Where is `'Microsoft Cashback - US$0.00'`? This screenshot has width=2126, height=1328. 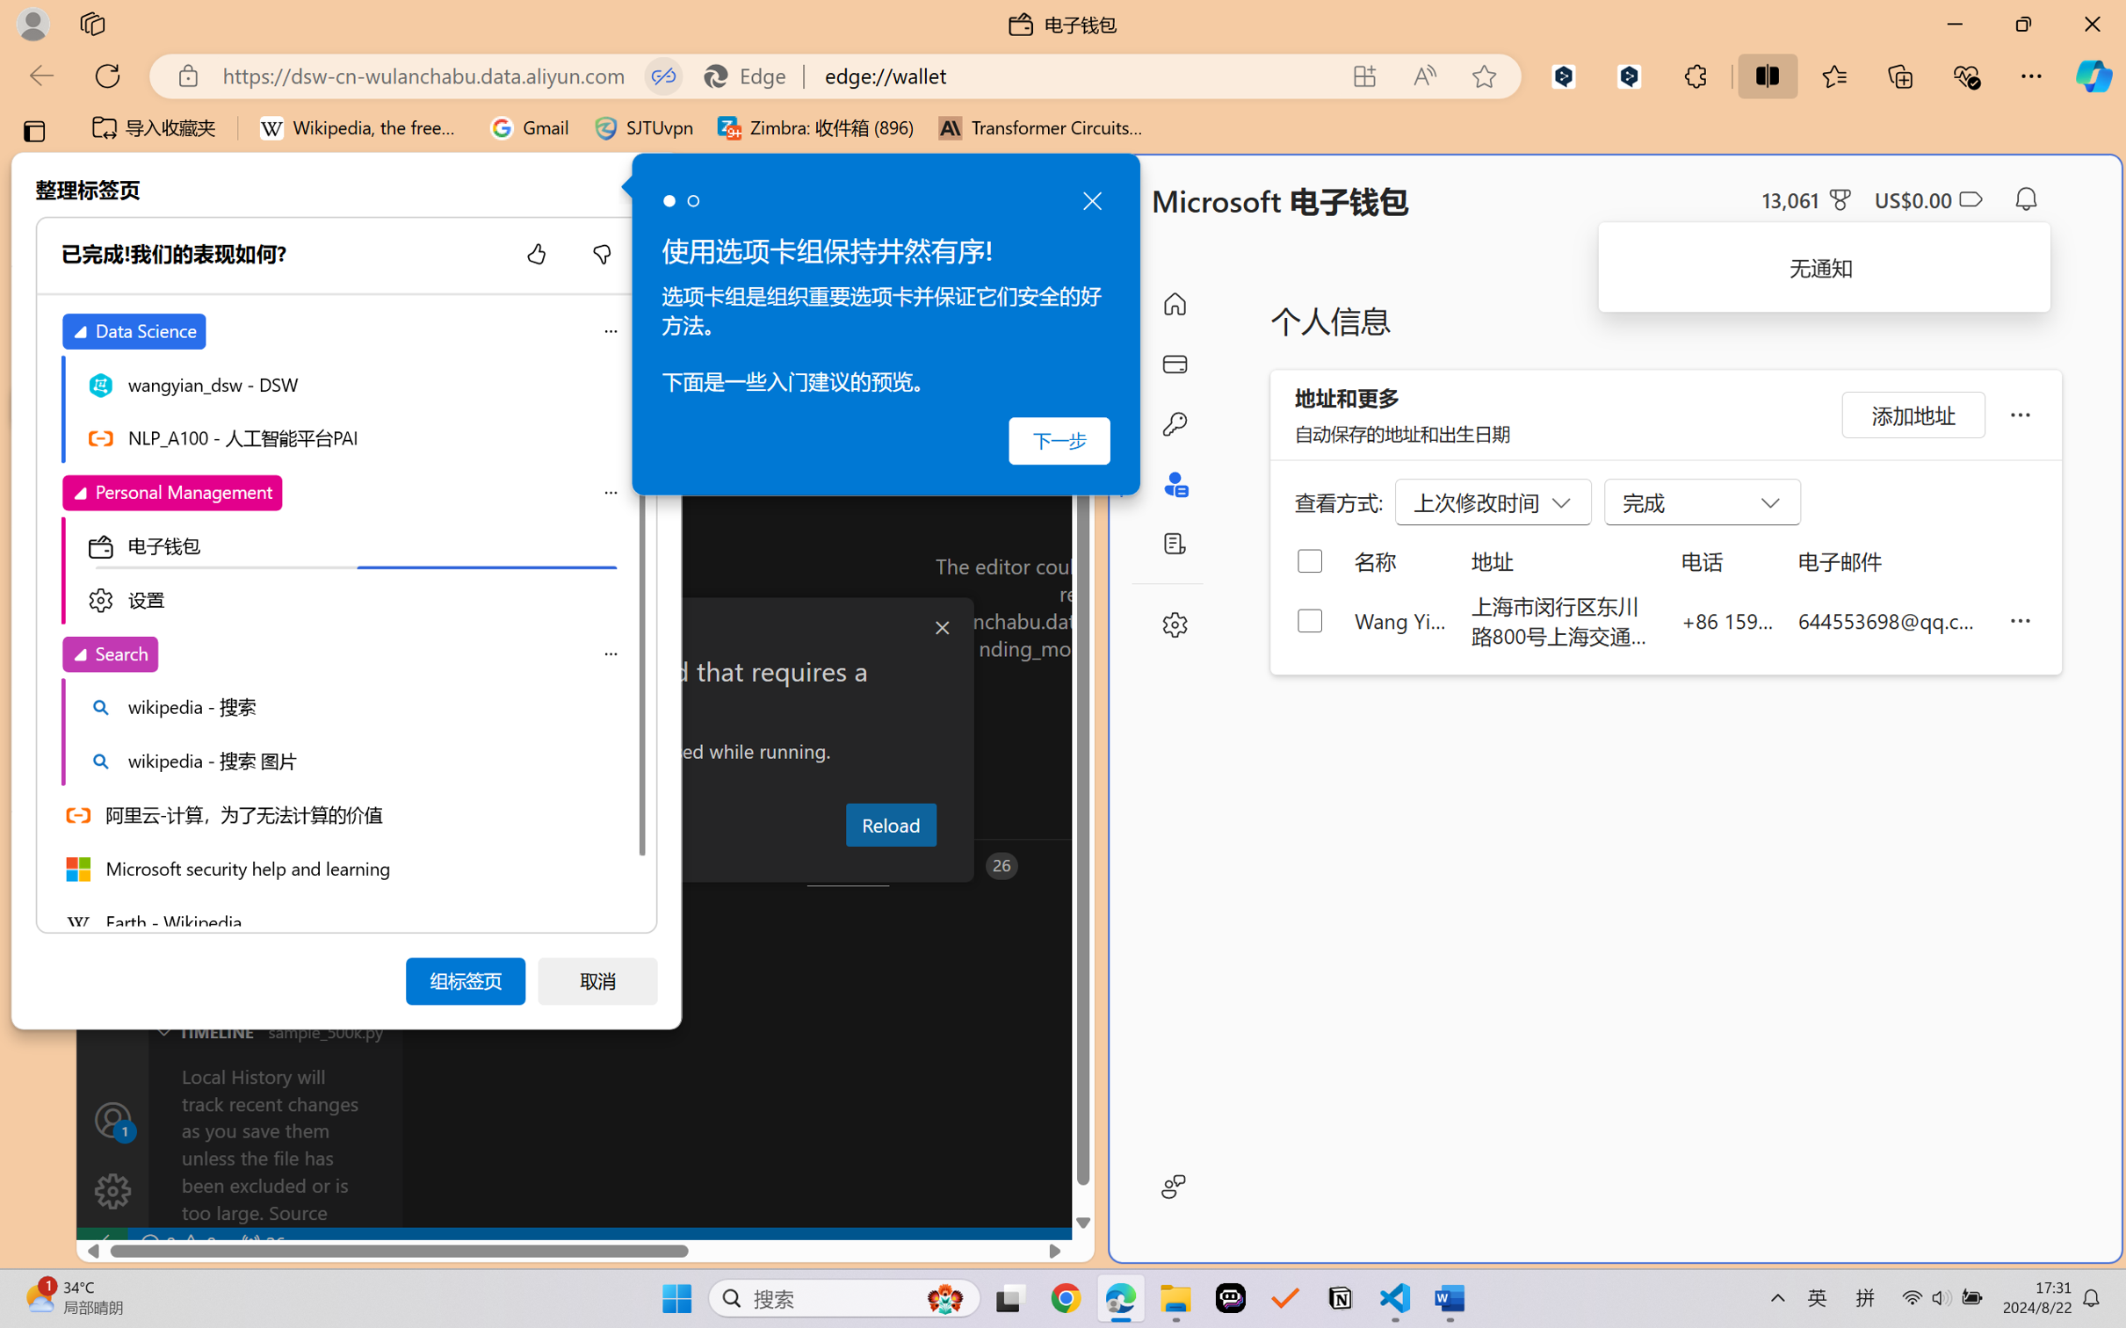 'Microsoft Cashback - US$0.00' is located at coordinates (1927, 199).